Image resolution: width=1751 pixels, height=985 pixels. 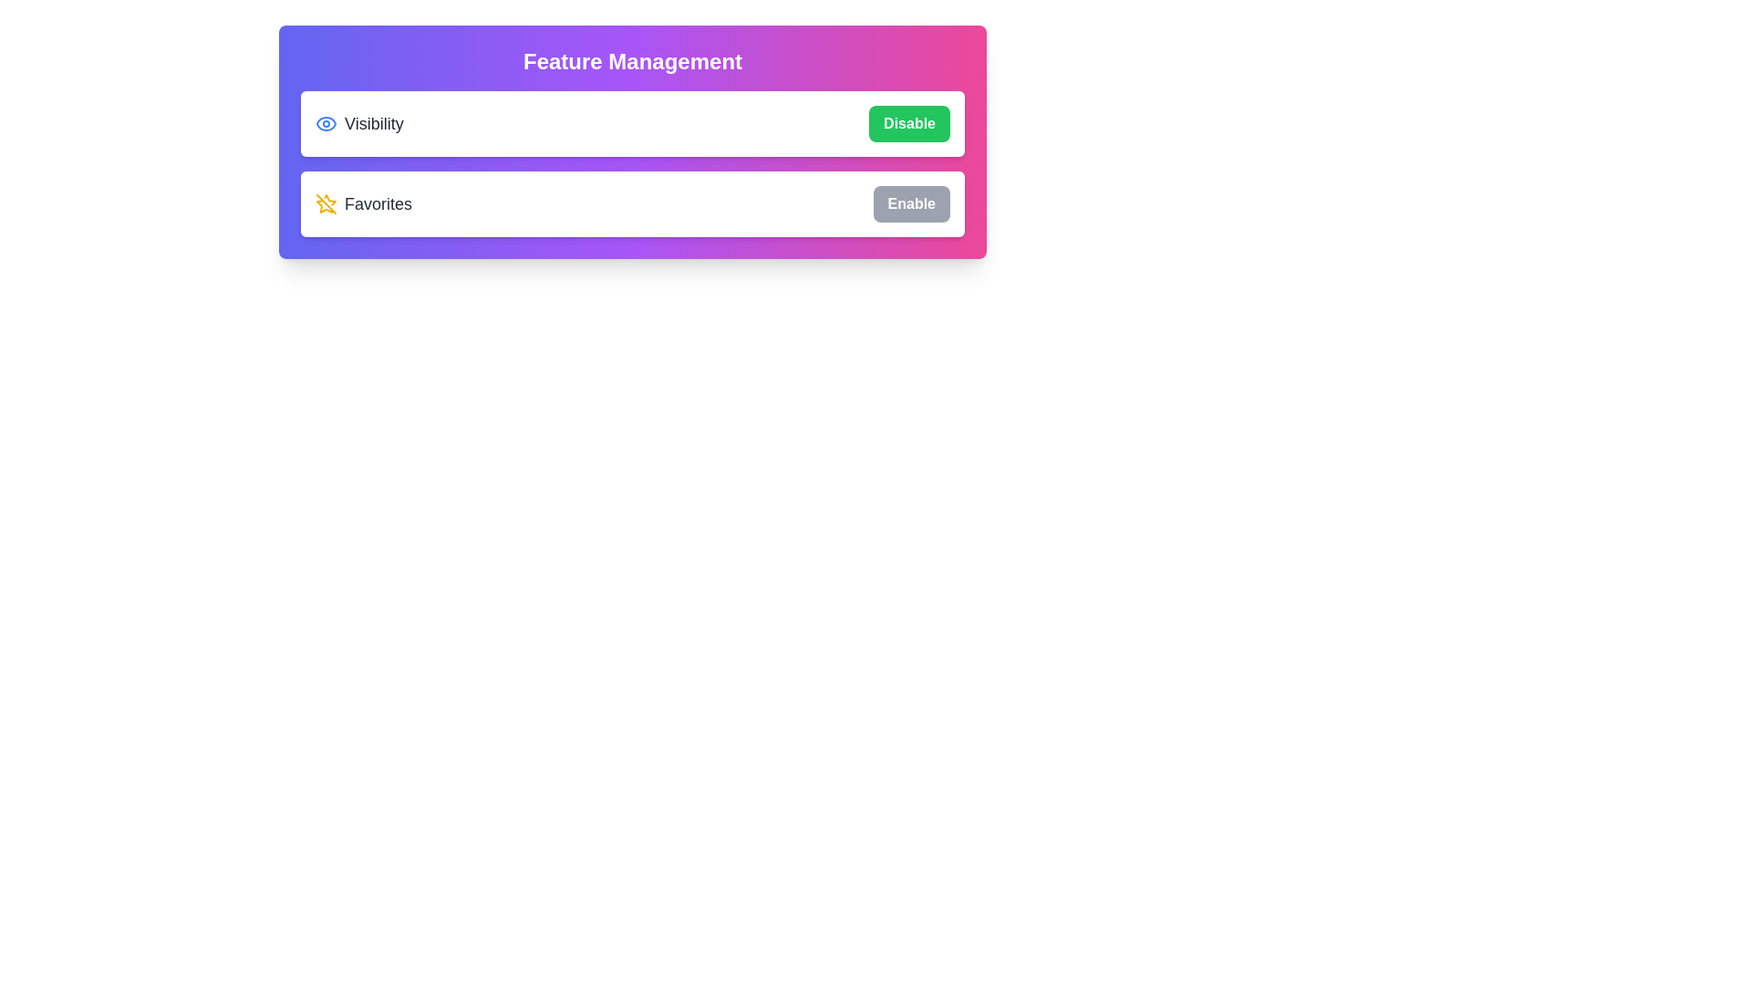 I want to click on the 'Enable' button next to the 'Favorites' label to toggle its status, so click(x=910, y=203).